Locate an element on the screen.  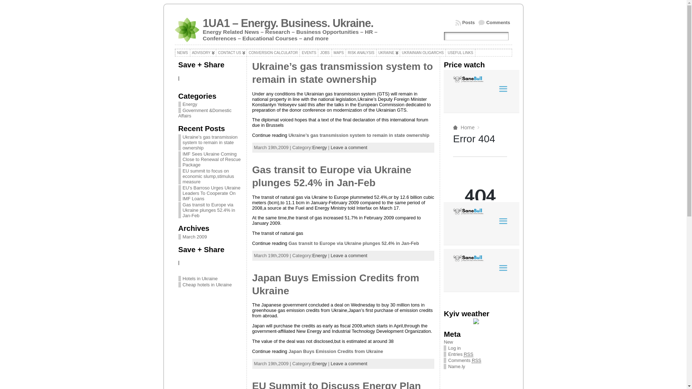
'Cheap hotels in Ukraine' is located at coordinates (207, 284).